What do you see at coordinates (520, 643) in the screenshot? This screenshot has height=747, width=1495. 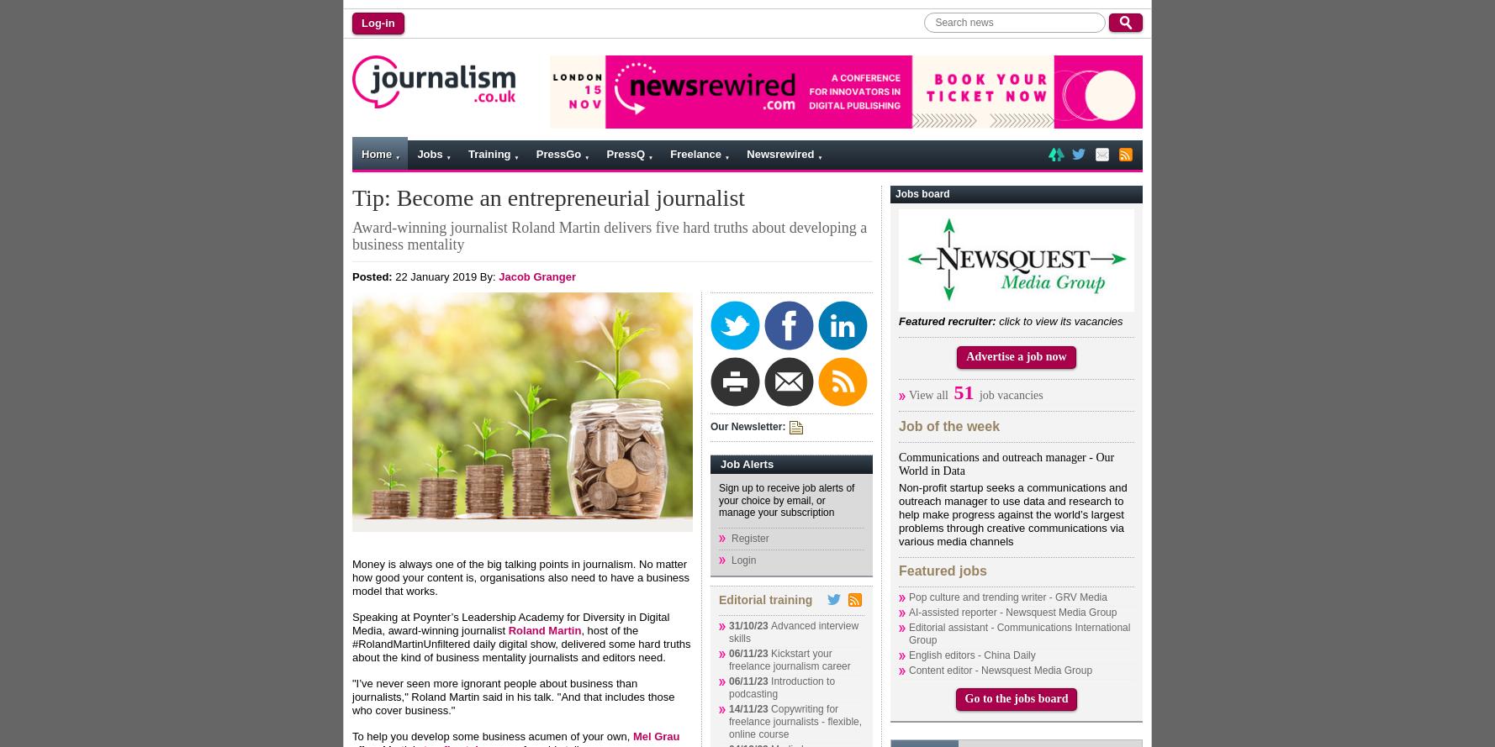 I see `', host of the #RolandMartinUnfiltered daily digital show, delivered some hard truths about the kind of business mentality journalists and editors need.'` at bounding box center [520, 643].